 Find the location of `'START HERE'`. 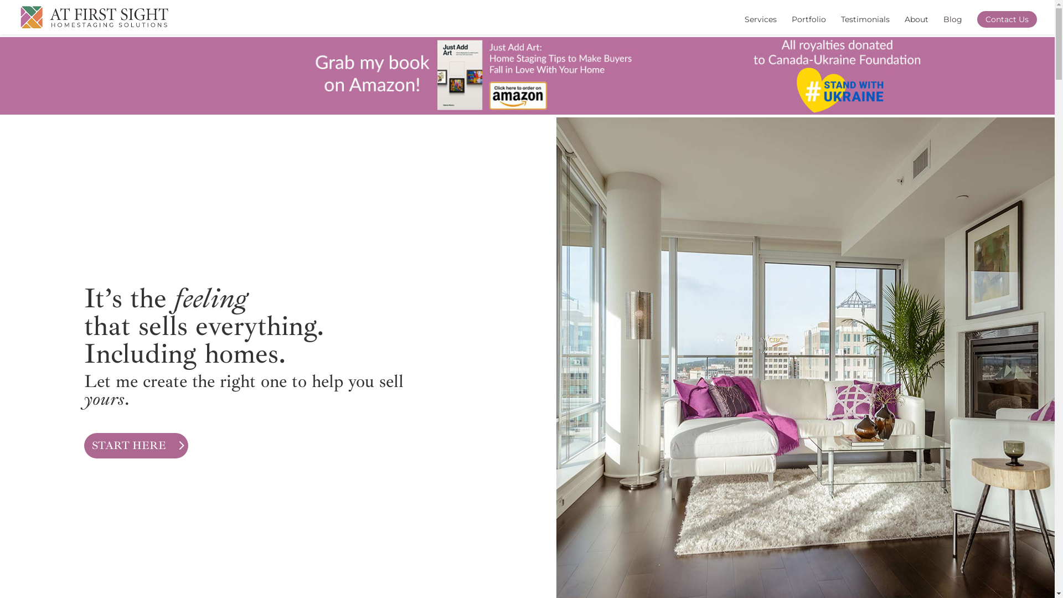

'START HERE' is located at coordinates (135, 445).